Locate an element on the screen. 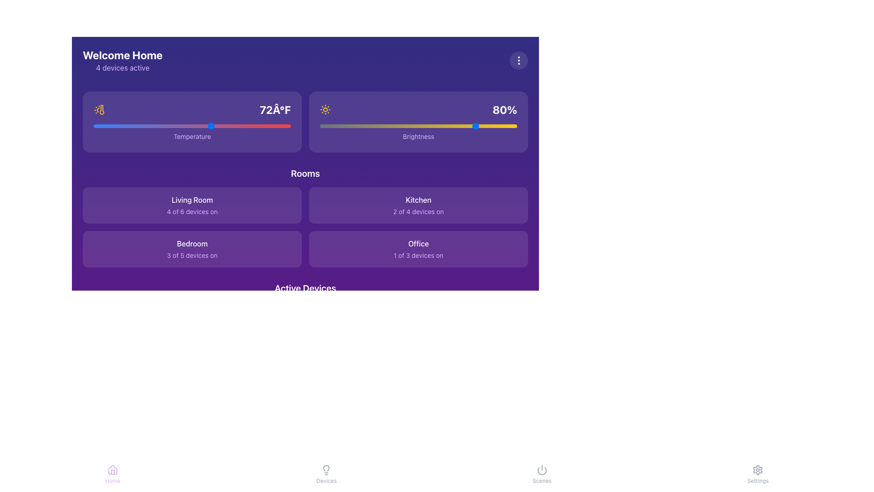 This screenshot has height=492, width=874. the 'Bedroom' card UI component located is located at coordinates (192, 249).